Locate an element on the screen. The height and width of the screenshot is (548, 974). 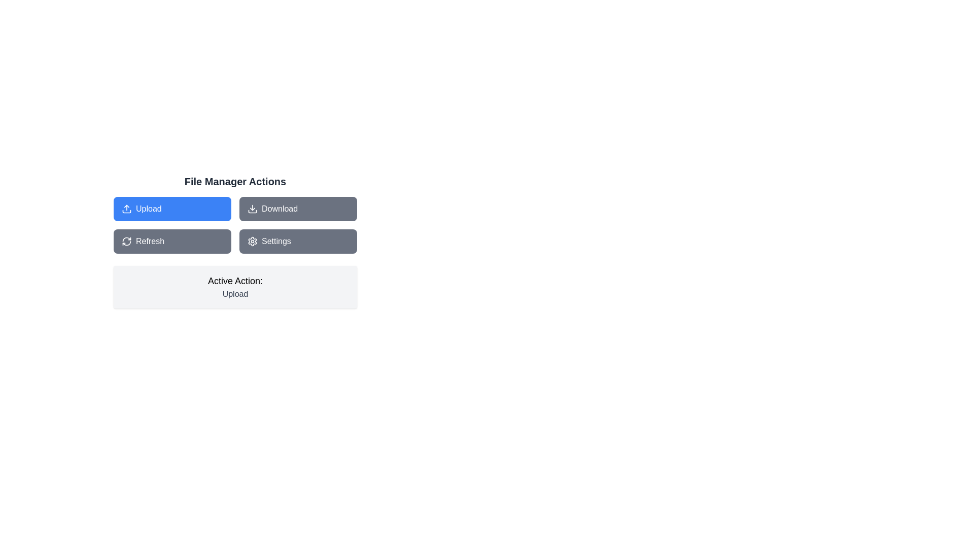
the text label displaying 'Active Action:' which is styled in bold black text on a light gray background, located near the top of the information box is located at coordinates (235, 281).